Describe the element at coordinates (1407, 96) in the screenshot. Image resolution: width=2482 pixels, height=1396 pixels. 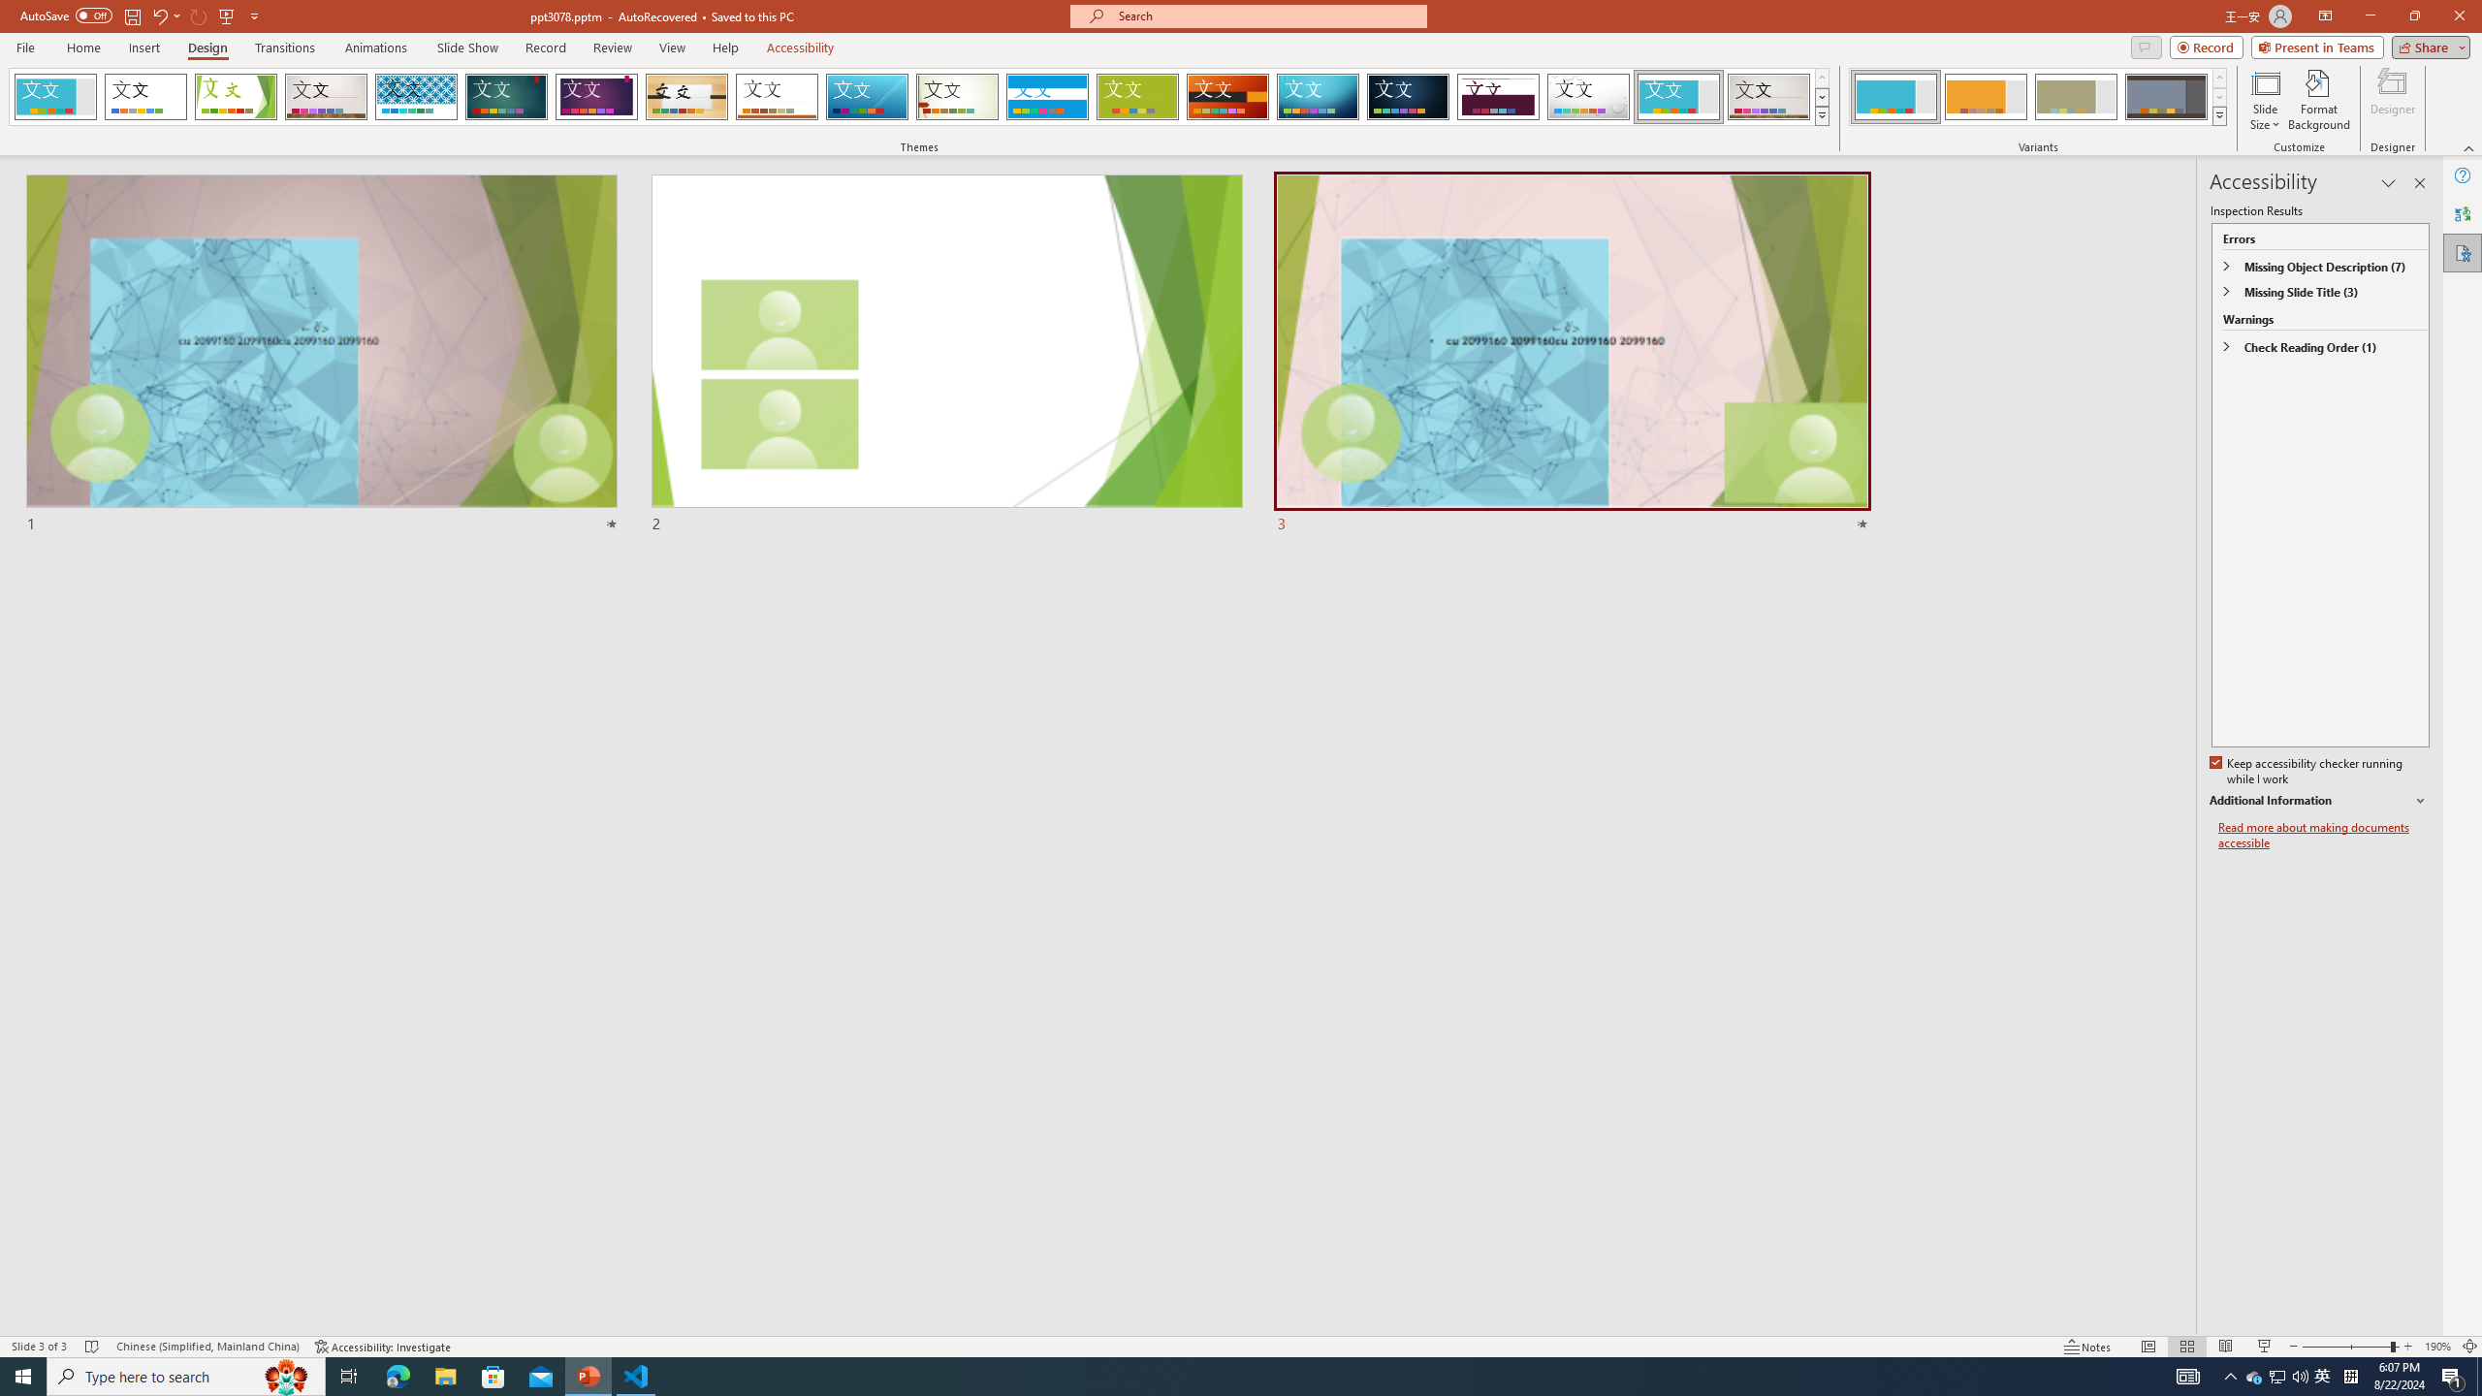
I see `'Damask'` at that location.